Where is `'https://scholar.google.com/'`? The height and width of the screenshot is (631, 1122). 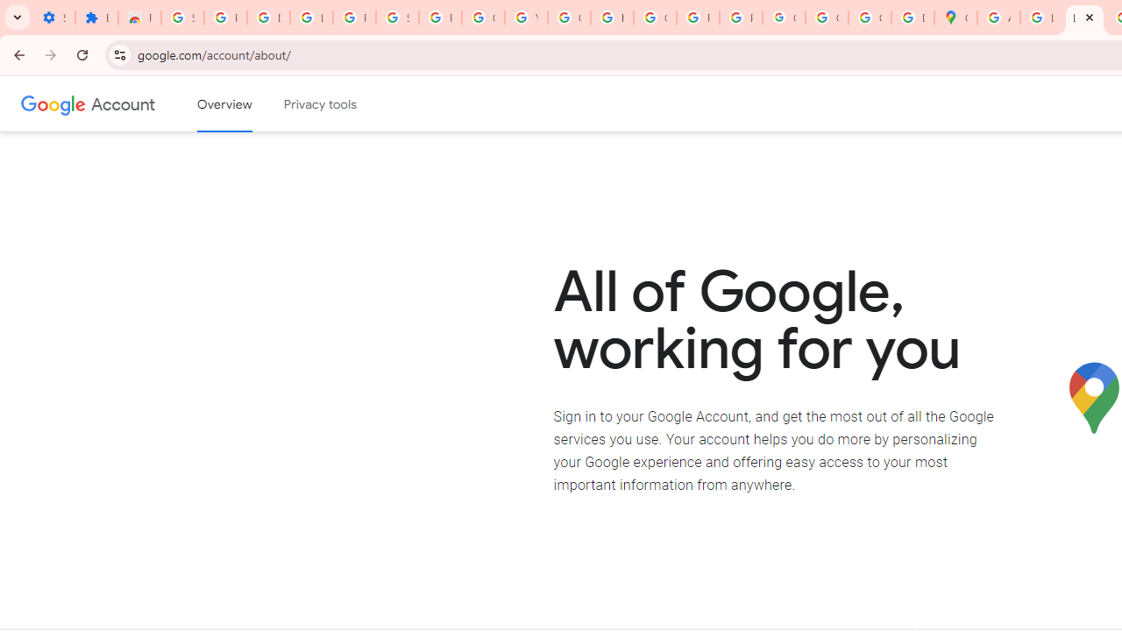 'https://scholar.google.com/' is located at coordinates (612, 18).